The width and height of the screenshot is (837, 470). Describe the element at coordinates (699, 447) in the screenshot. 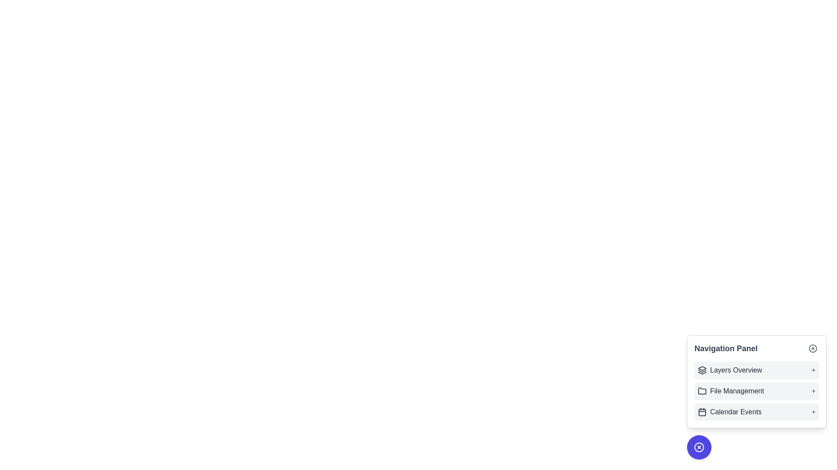

I see `the circular icon with a cross mark in its center, which has a purple background and white strokes, located at the bottom-right corner of the interface beneath the navigation panel` at that location.